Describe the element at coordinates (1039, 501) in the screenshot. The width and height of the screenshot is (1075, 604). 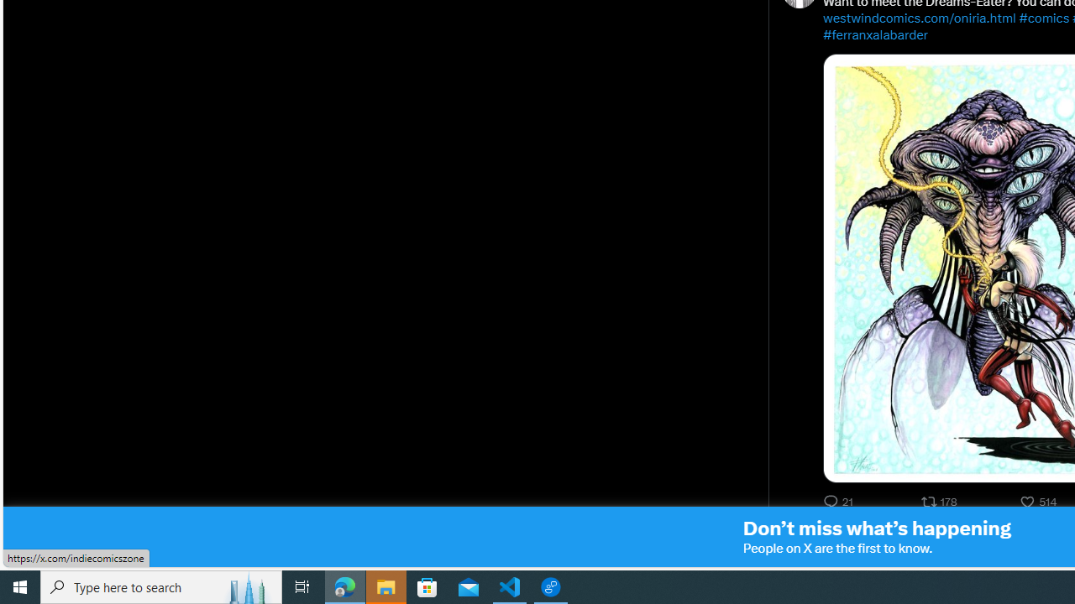
I see `'514 Likes. Like'` at that location.